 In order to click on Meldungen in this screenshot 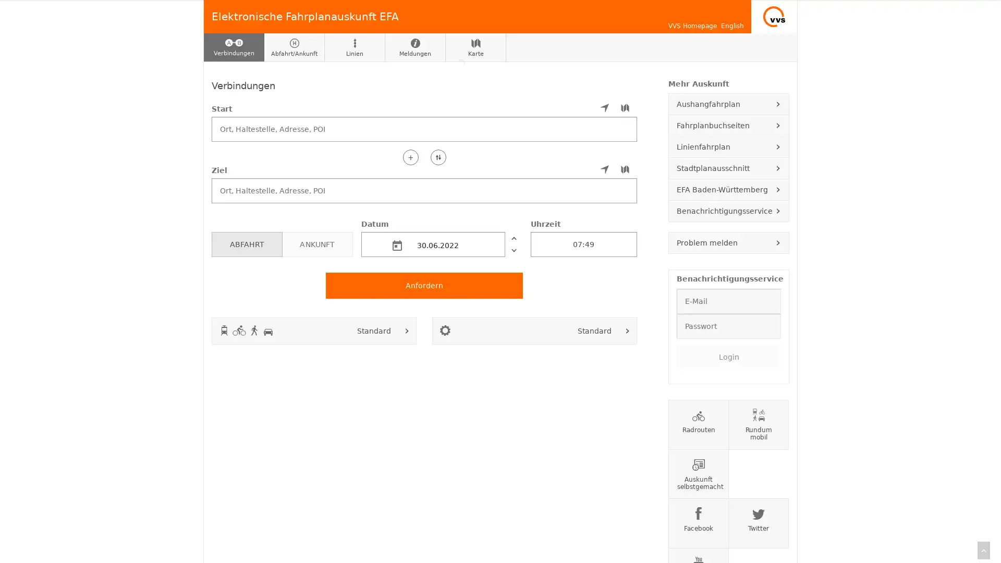, I will do `click(414, 47)`.